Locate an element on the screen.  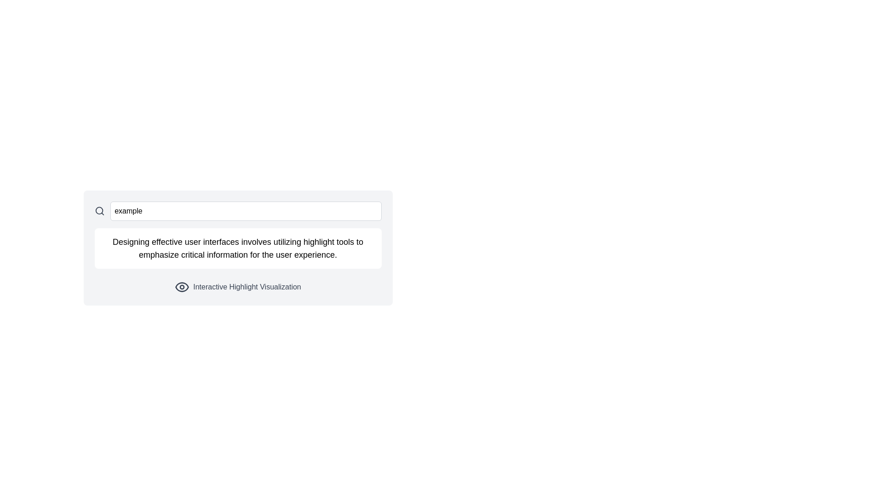
the magnifying glass icon located on the leftmost side of the search bar is located at coordinates (99, 211).